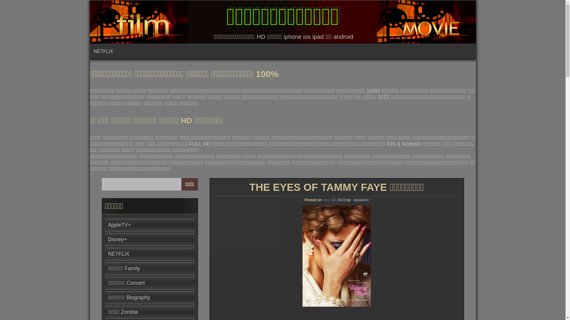 Image resolution: width=570 pixels, height=320 pixels. What do you see at coordinates (360, 200) in the screenshot?
I see `'wpadmin'` at bounding box center [360, 200].